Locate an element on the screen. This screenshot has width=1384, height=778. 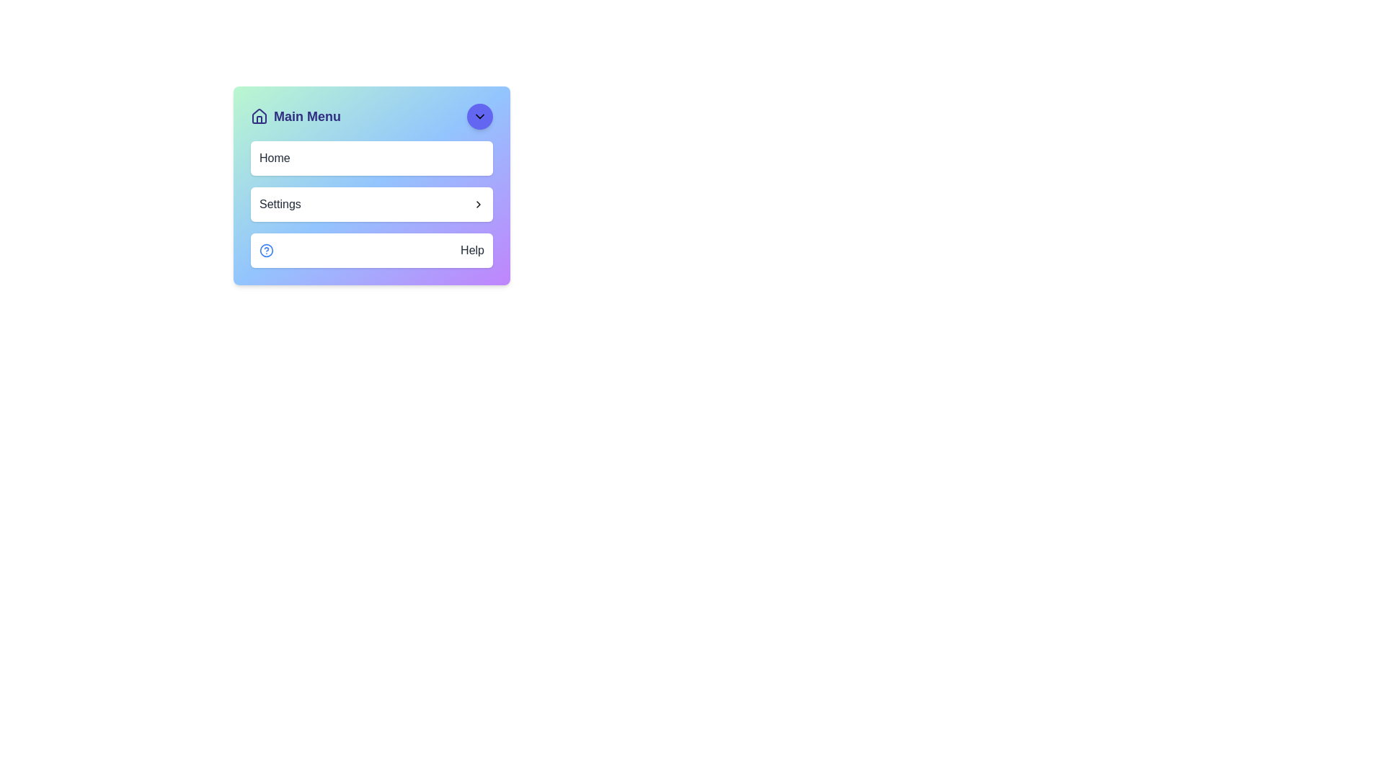
the 'Settings' interactive list item, which is the second item in a vertical list is located at coordinates (371, 205).